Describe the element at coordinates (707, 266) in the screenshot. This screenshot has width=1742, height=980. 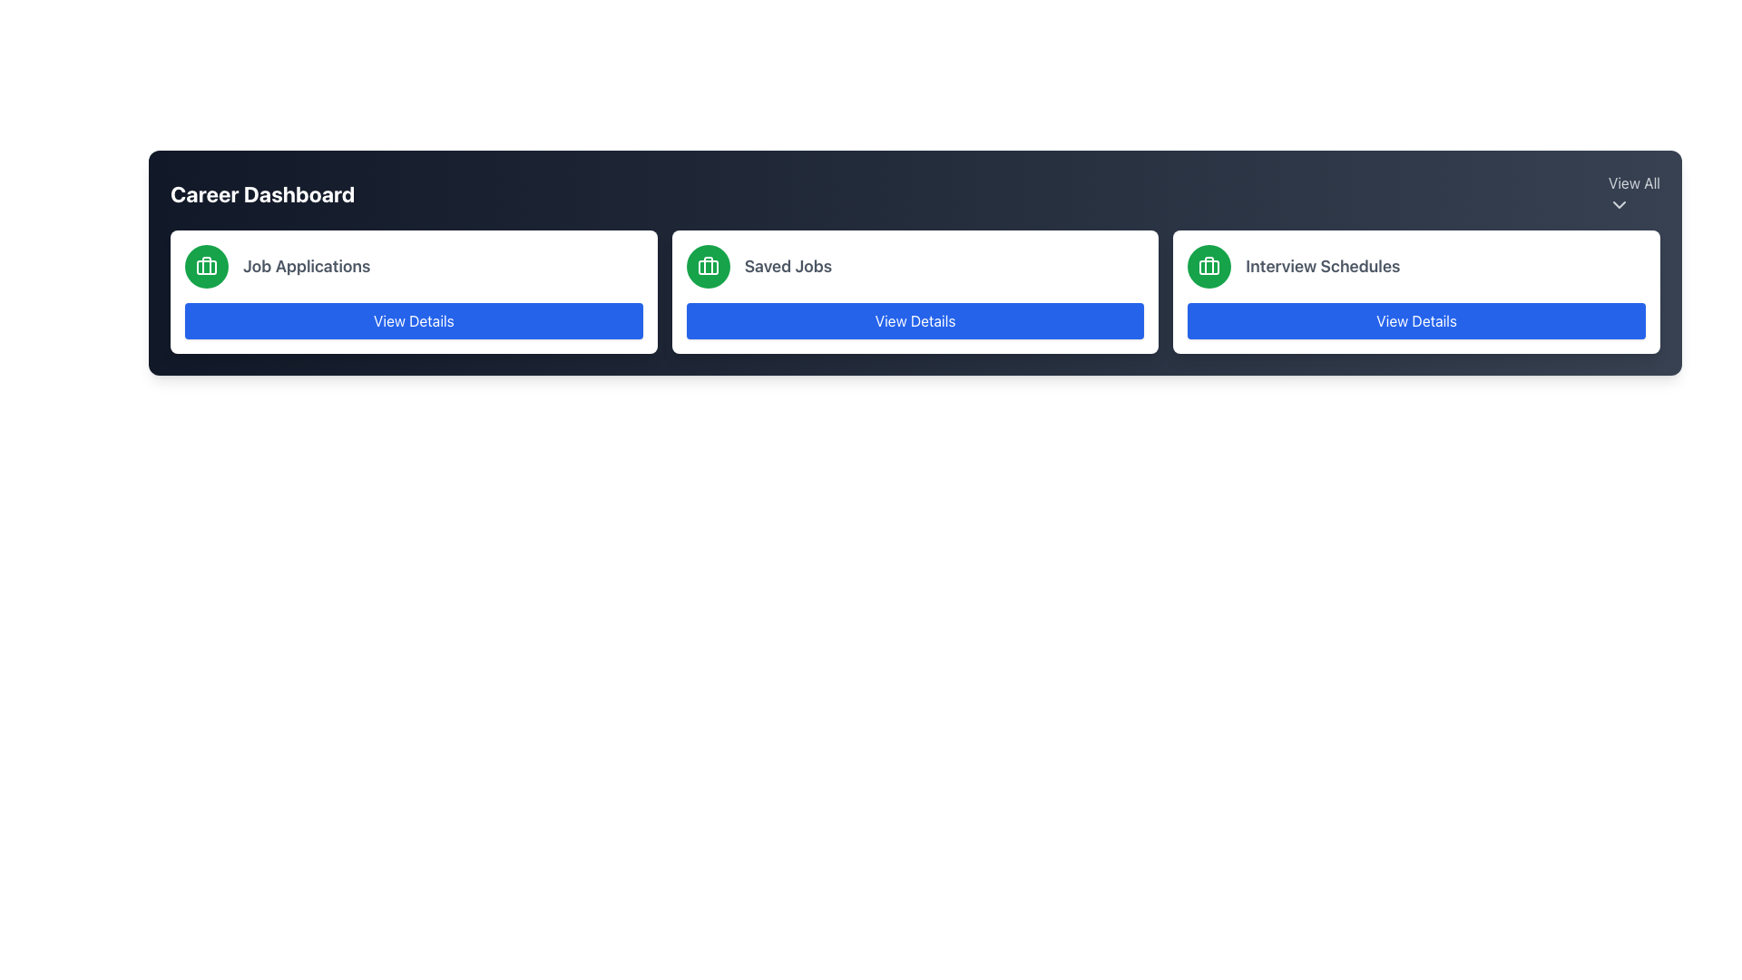
I see `the circular green icon with a white suitcase graphic located in the upper-left section of the 'Saved Jobs' card` at that location.